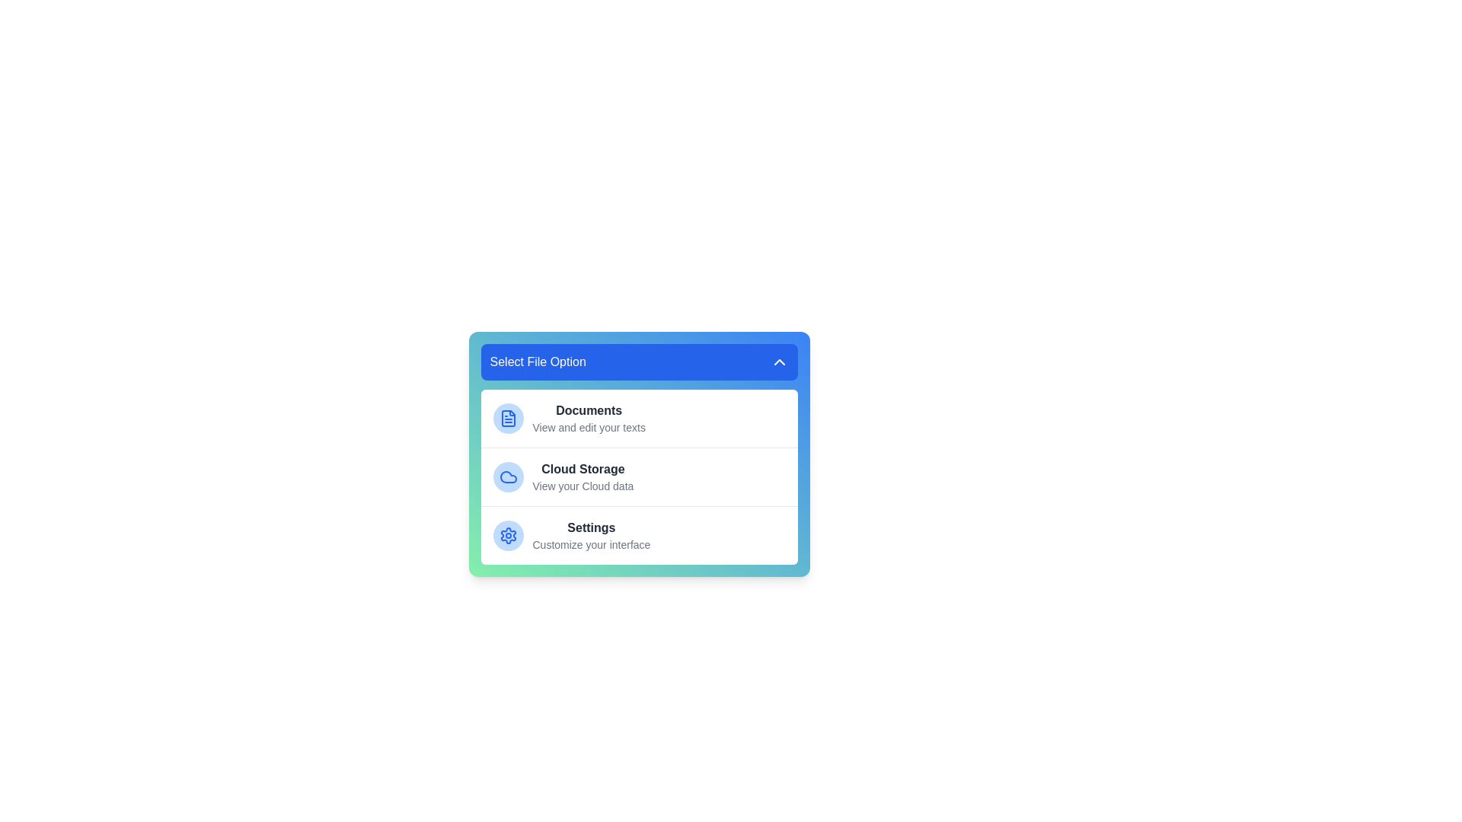 The image size is (1462, 822). Describe the element at coordinates (508, 419) in the screenshot. I see `the small blue outlined document icon located to the left of the 'Documents' text label` at that location.